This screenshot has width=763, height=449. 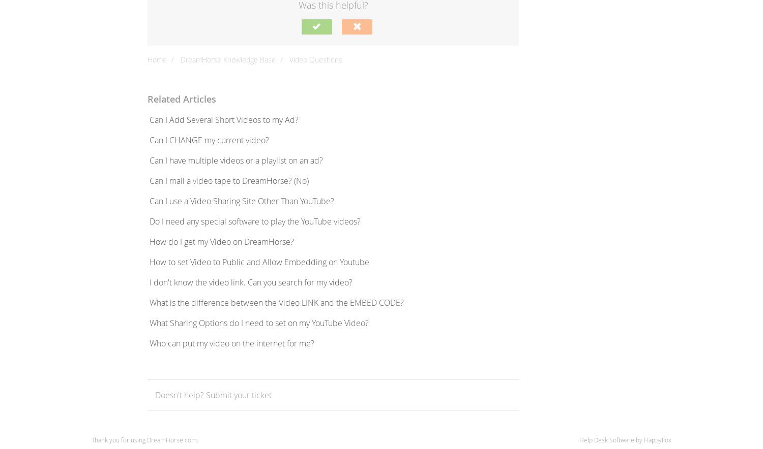 I want to click on 'How do I get my Video on DreamHorse?', so click(x=222, y=242).